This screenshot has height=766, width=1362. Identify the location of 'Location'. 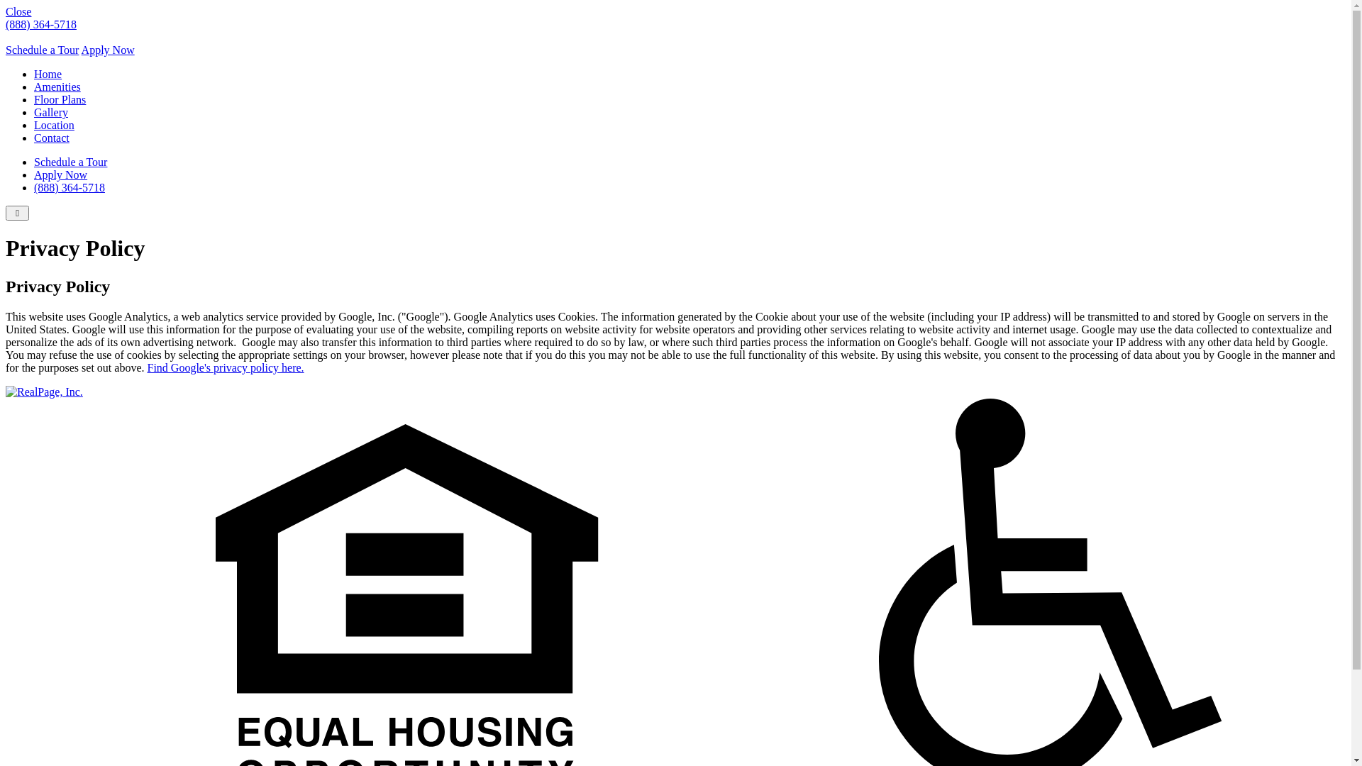
(54, 124).